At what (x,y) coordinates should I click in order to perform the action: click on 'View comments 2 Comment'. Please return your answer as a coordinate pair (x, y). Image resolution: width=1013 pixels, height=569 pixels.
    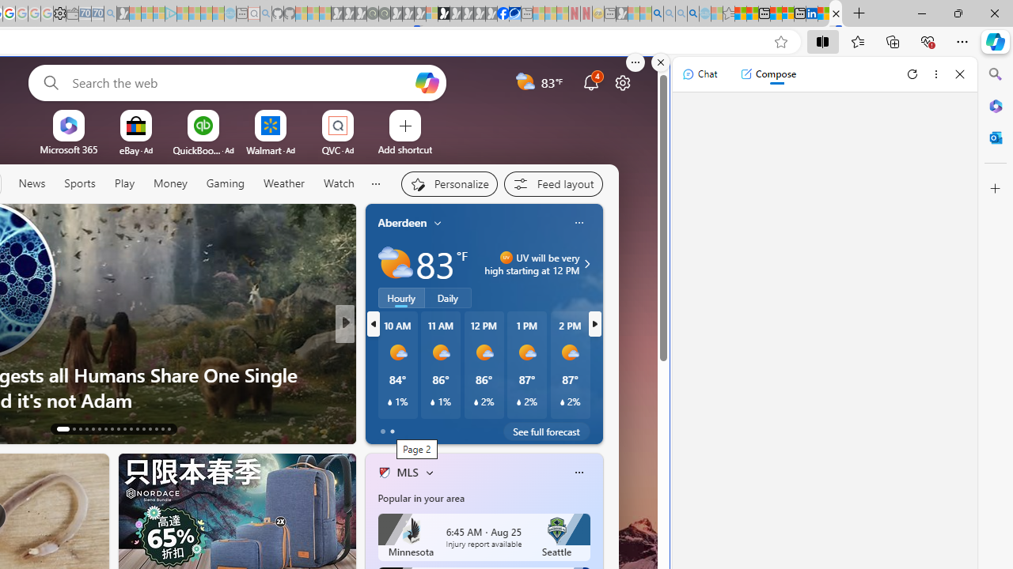
    Looking at the image, I should click on (449, 428).